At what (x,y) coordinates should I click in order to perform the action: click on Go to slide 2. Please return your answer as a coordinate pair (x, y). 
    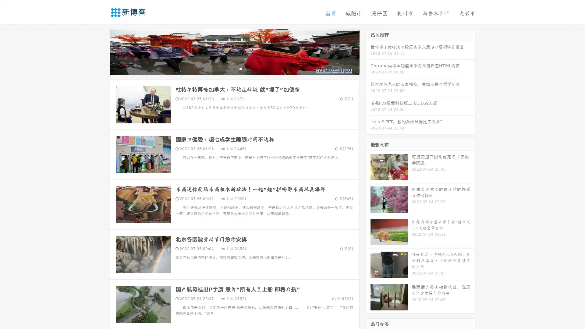
    Looking at the image, I should click on (234, 69).